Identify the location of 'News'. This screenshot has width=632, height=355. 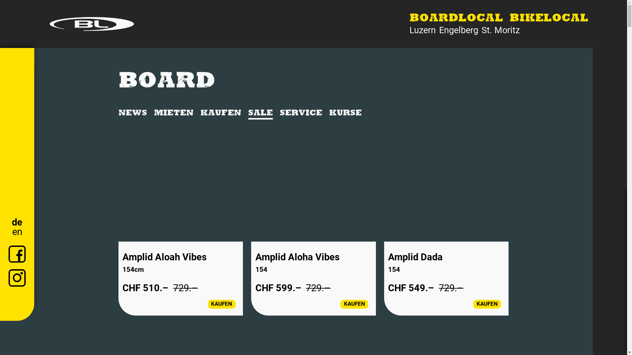
(132, 113).